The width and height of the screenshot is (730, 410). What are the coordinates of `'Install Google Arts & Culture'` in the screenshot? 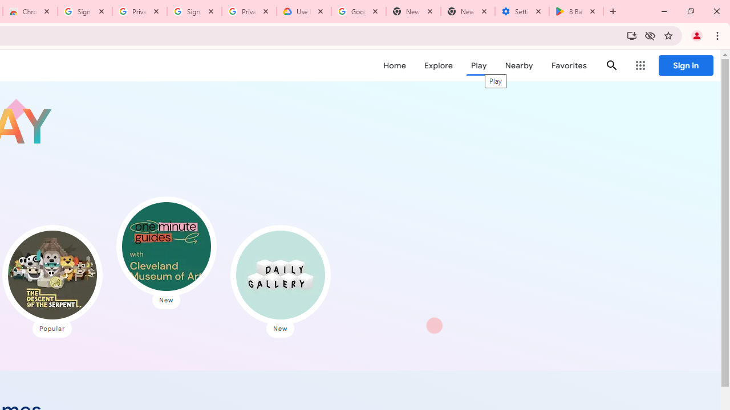 It's located at (631, 35).